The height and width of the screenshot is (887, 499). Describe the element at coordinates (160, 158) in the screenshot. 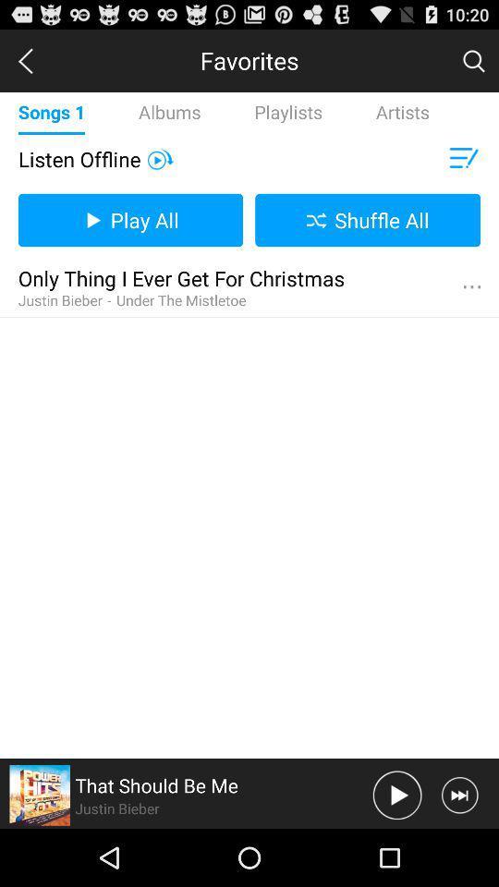

I see `video on buton` at that location.